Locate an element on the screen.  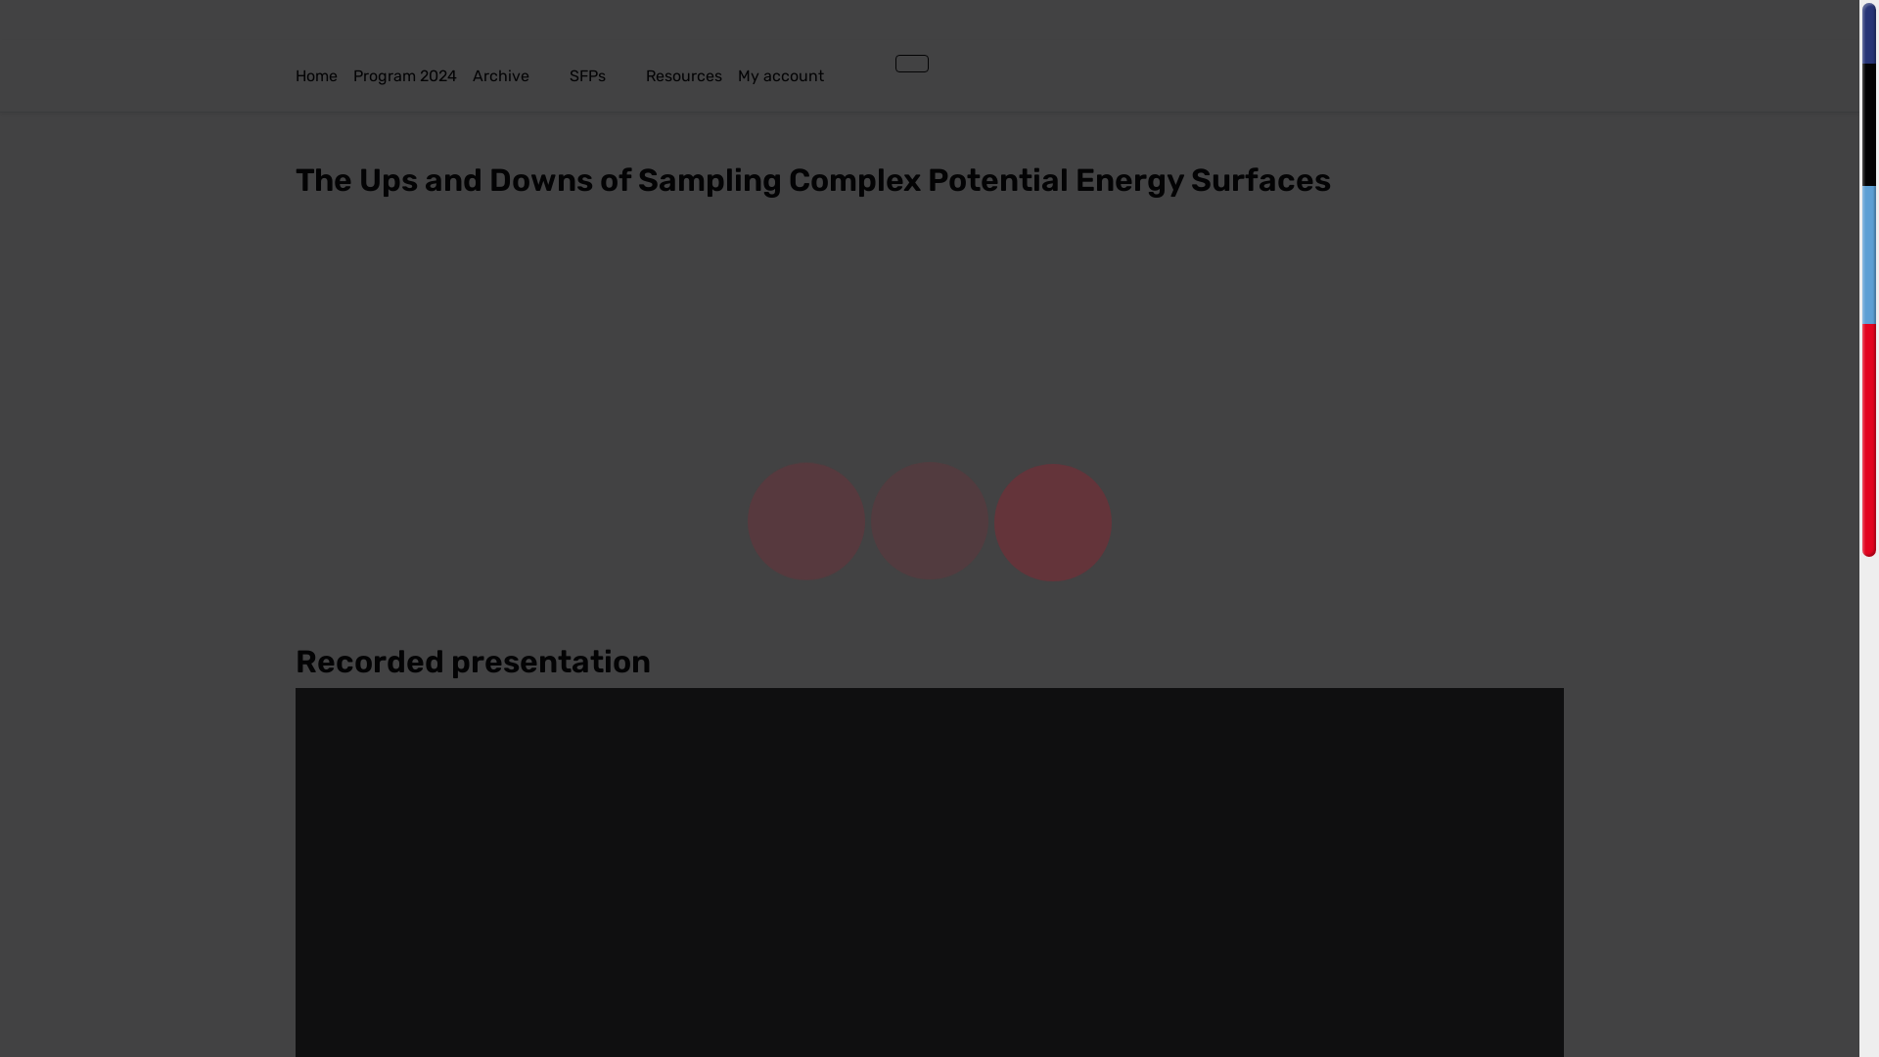
'My account' is located at coordinates (801, 74).